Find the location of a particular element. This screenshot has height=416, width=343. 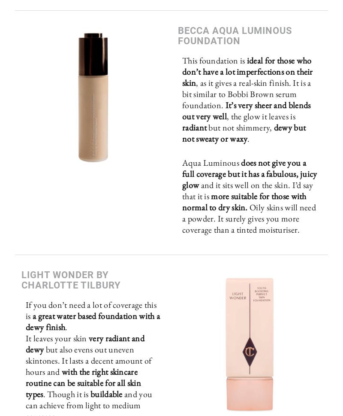

'dewy but not sweaty or waxy' is located at coordinates (243, 132).